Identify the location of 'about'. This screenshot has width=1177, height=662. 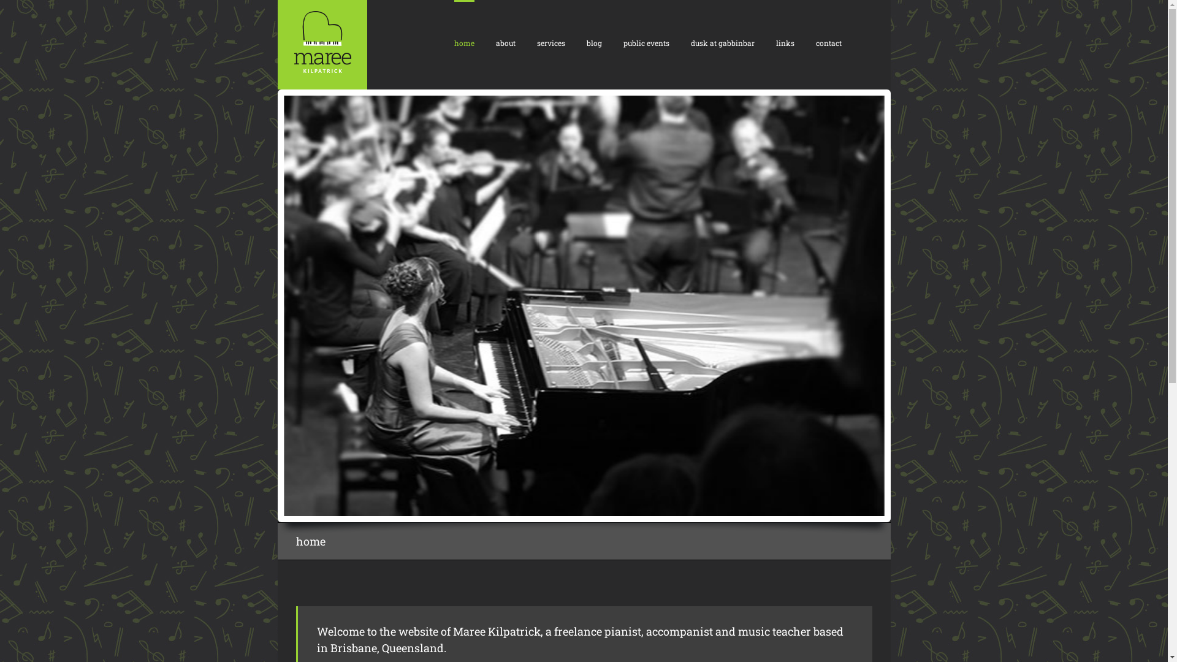
(505, 42).